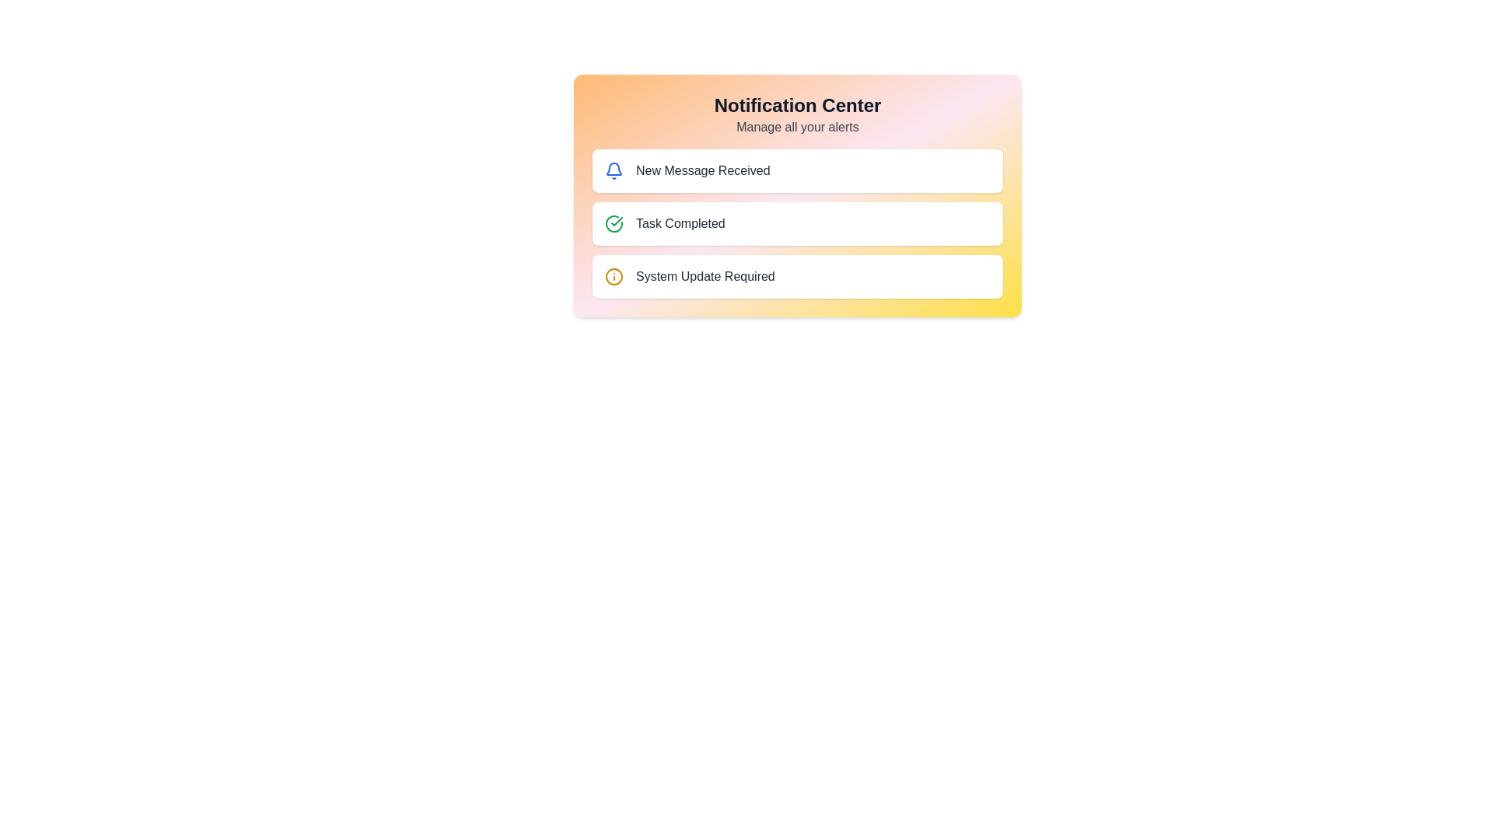 This screenshot has height=840, width=1493. I want to click on the notification icon for New Message Received, so click(614, 170).